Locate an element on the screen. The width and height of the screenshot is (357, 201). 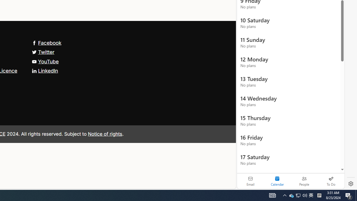
'To Do' is located at coordinates (331, 181).